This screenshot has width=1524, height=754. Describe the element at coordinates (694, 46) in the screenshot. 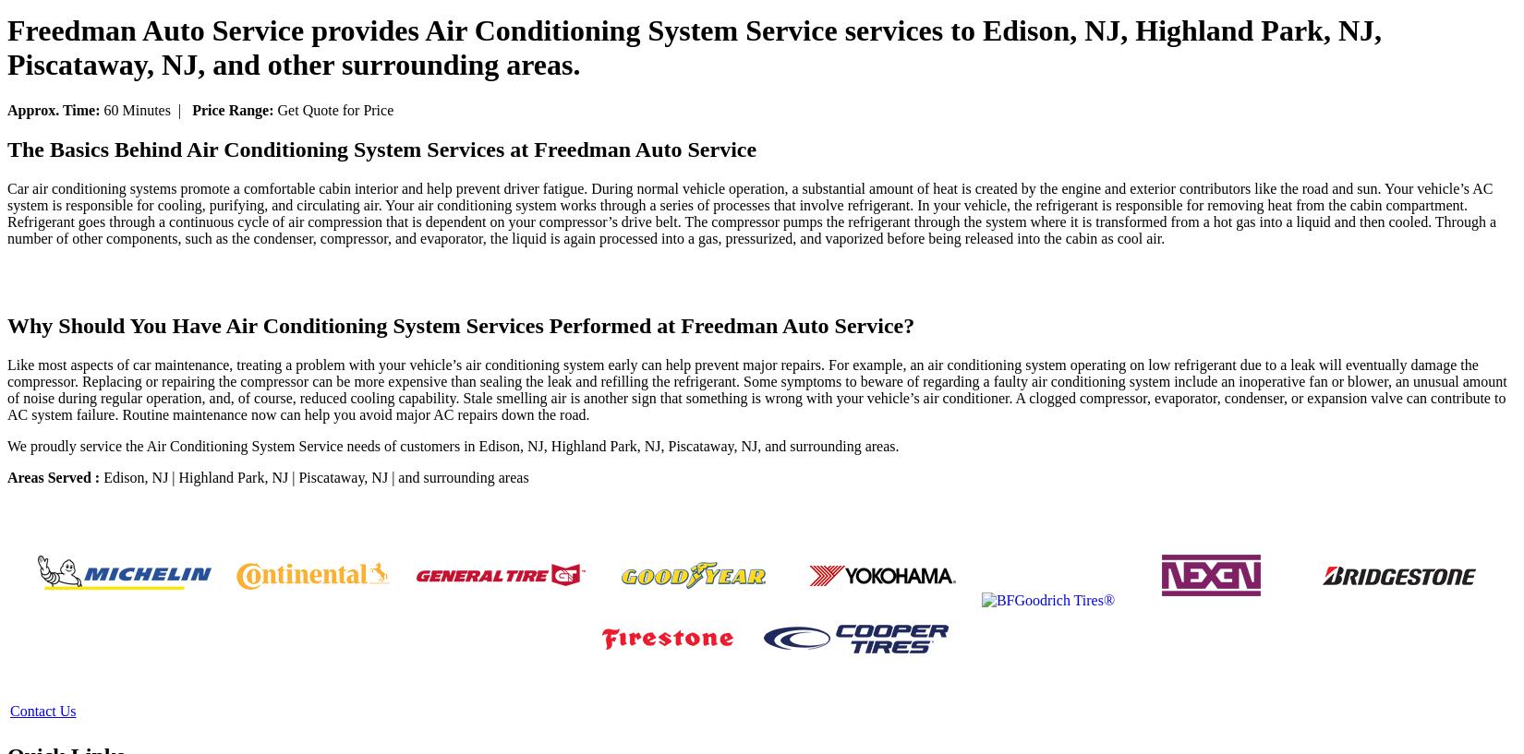

I see `'Freedman Auto Service provides Air Conditioning System Service services to Edison, NJ, Highland Park, NJ, Piscataway, NJ, and other surrounding areas.'` at that location.